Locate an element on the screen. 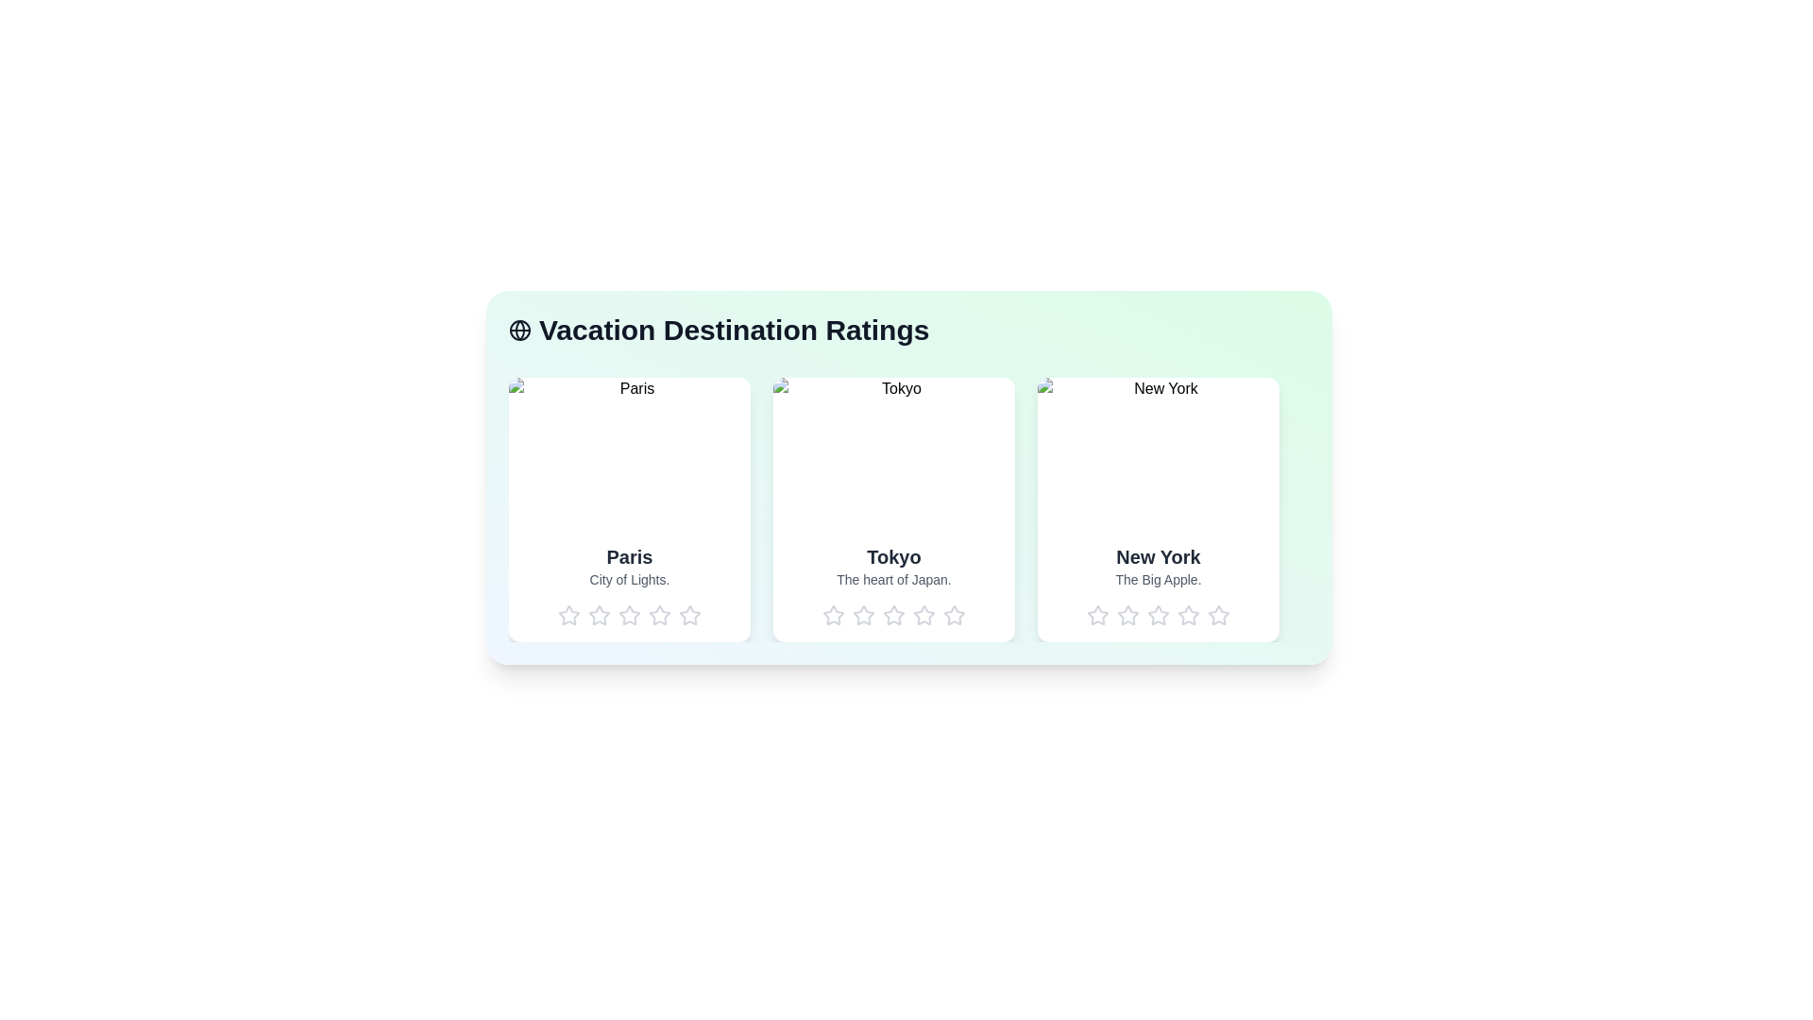 Image resolution: width=1813 pixels, height=1020 pixels. the destination card for New York is located at coordinates (1158, 510).